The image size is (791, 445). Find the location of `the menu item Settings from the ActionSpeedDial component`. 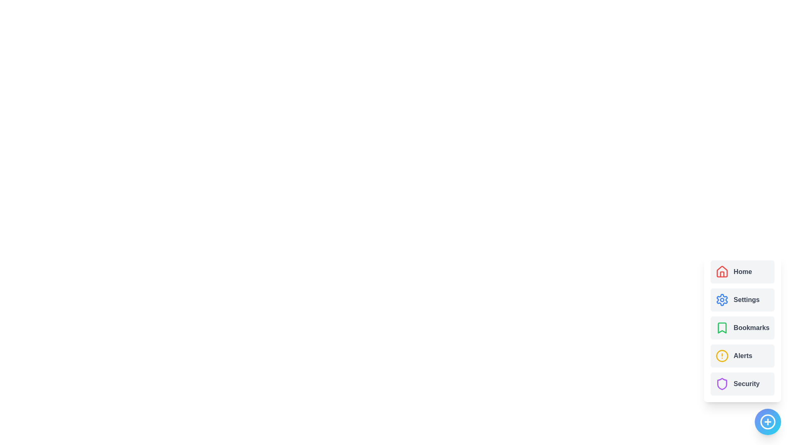

the menu item Settings from the ActionSpeedDial component is located at coordinates (742, 300).